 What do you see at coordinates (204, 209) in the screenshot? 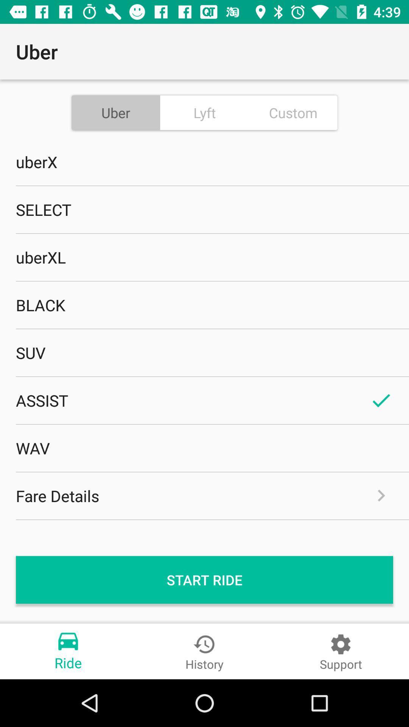
I see `icon below uberx icon` at bounding box center [204, 209].